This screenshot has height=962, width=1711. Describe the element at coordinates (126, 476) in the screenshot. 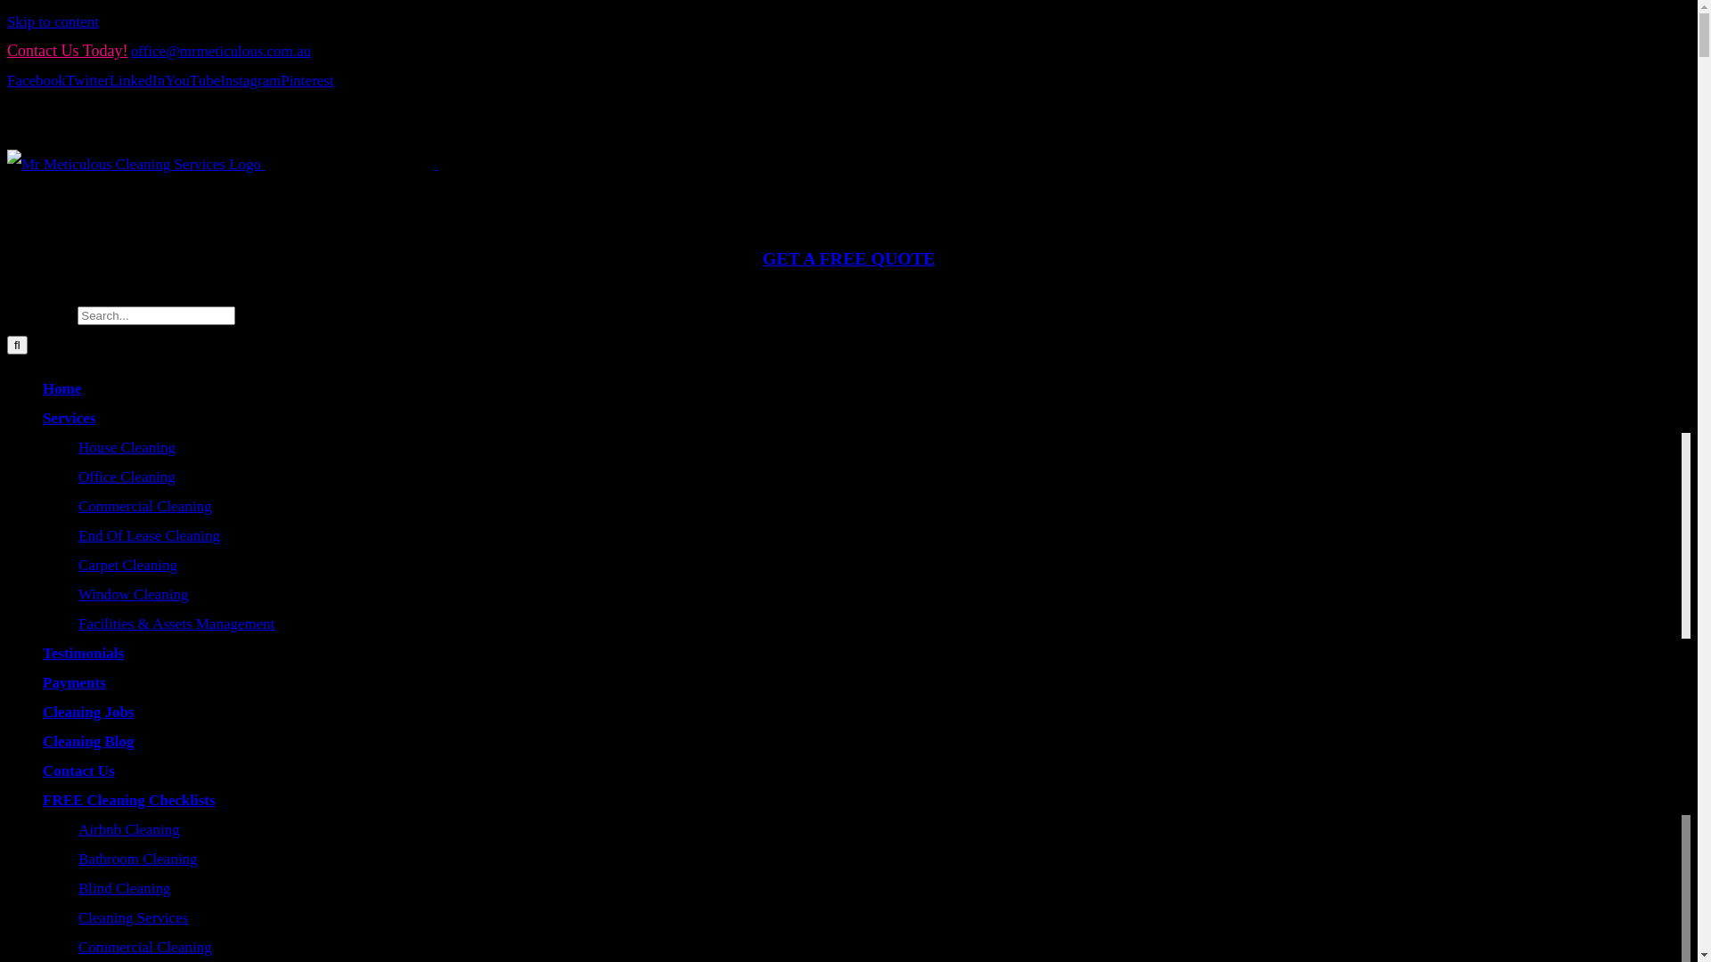

I see `'Office Cleaning'` at that location.